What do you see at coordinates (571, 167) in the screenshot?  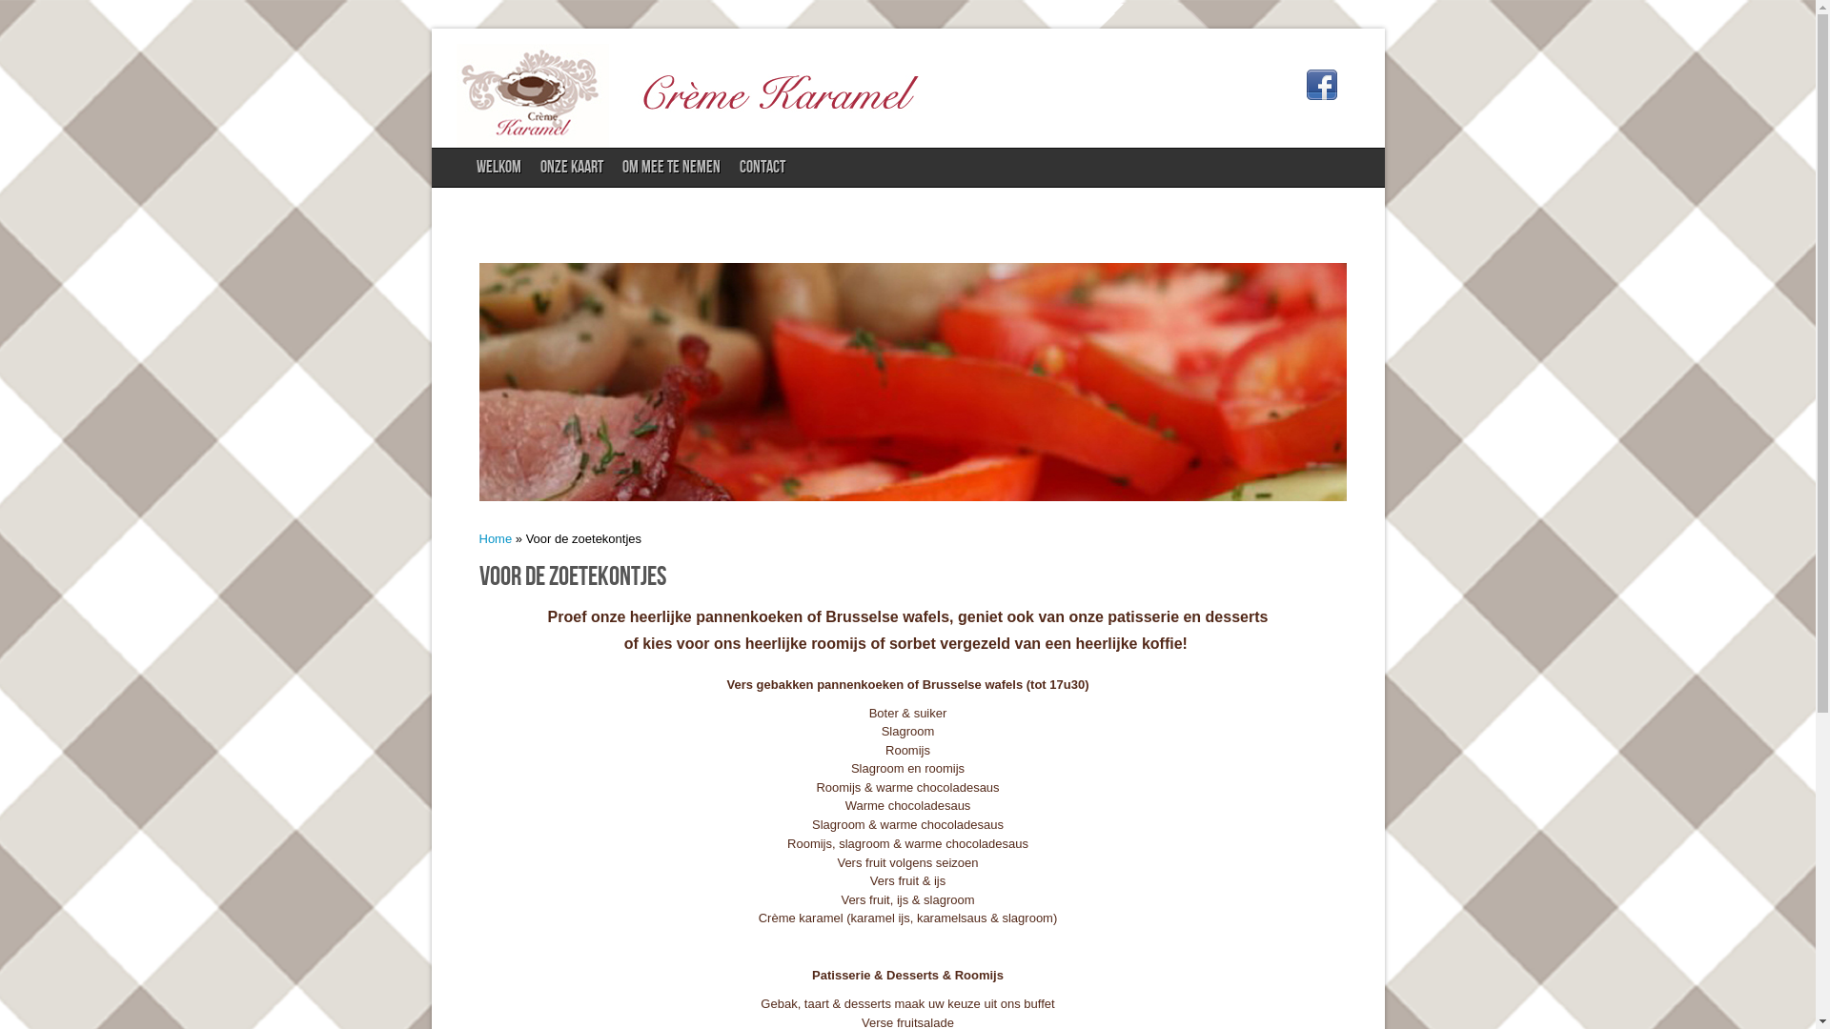 I see `'ONZE KAART'` at bounding box center [571, 167].